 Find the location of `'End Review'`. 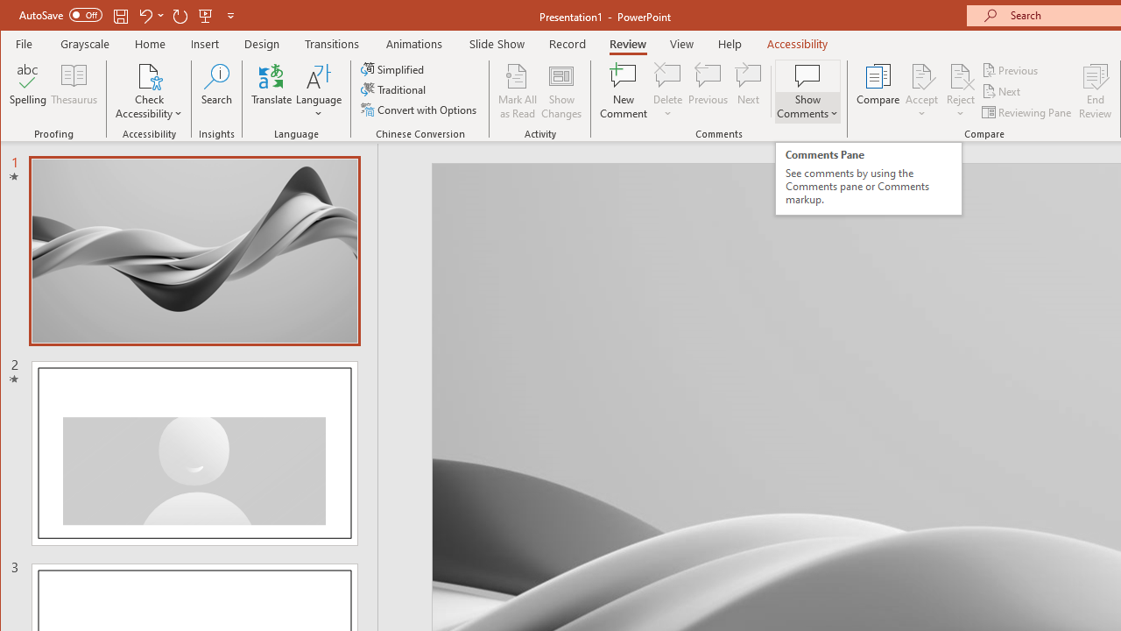

'End Review' is located at coordinates (1095, 91).